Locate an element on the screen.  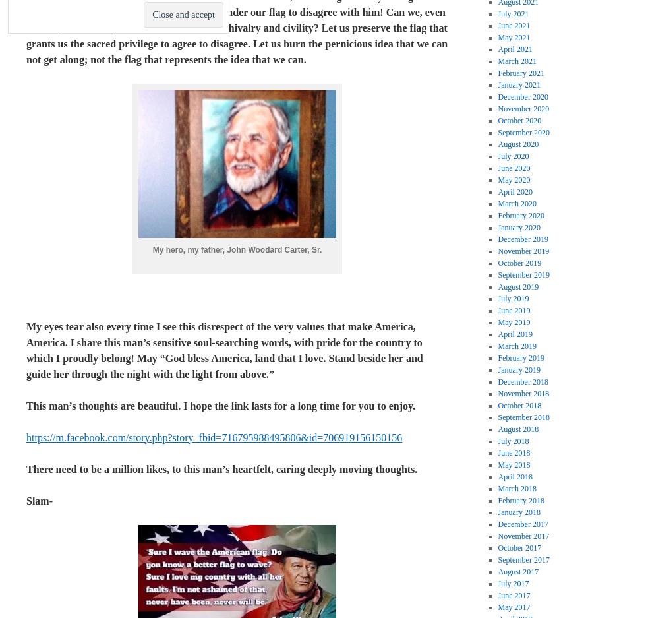
'April 2018' is located at coordinates (497, 476).